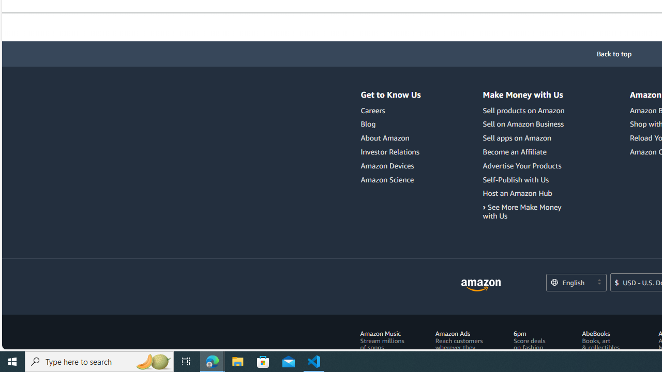 This screenshot has height=372, width=662. What do you see at coordinates (382, 340) in the screenshot?
I see `'Amazon Music Stream millions of songs'` at bounding box center [382, 340].